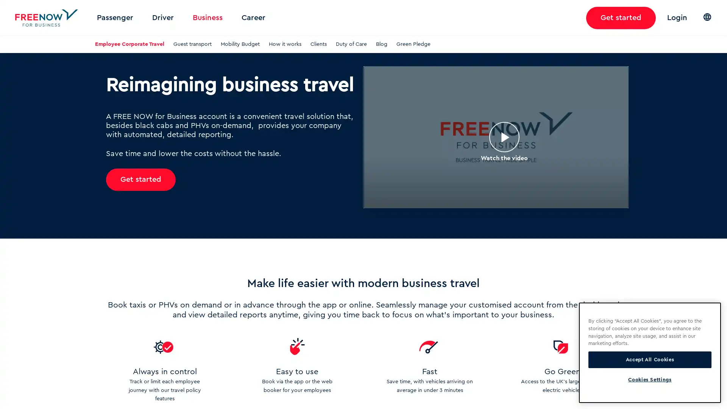 The height and width of the screenshot is (409, 727). I want to click on Accept All Cookies, so click(649, 359).